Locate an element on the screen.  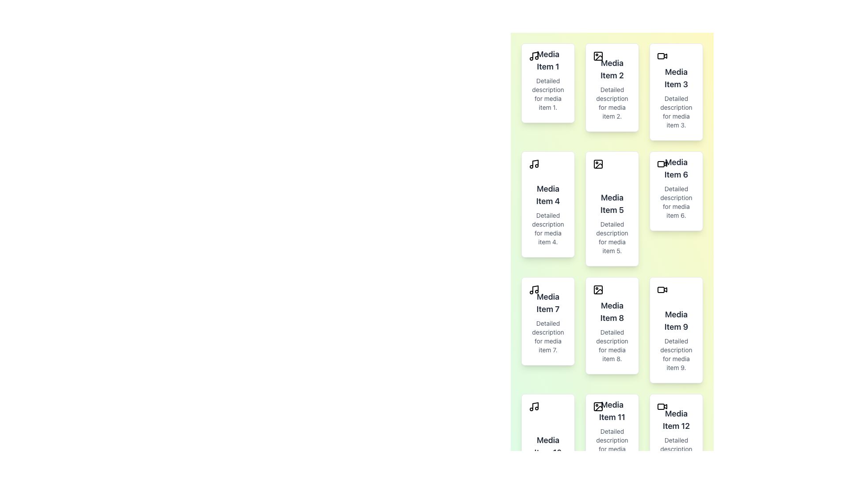
the black musical note icon located at the top-left corner of the card labeled 'Media Item 4', which is in the second row, first column of the grid layout is located at coordinates (534, 164).